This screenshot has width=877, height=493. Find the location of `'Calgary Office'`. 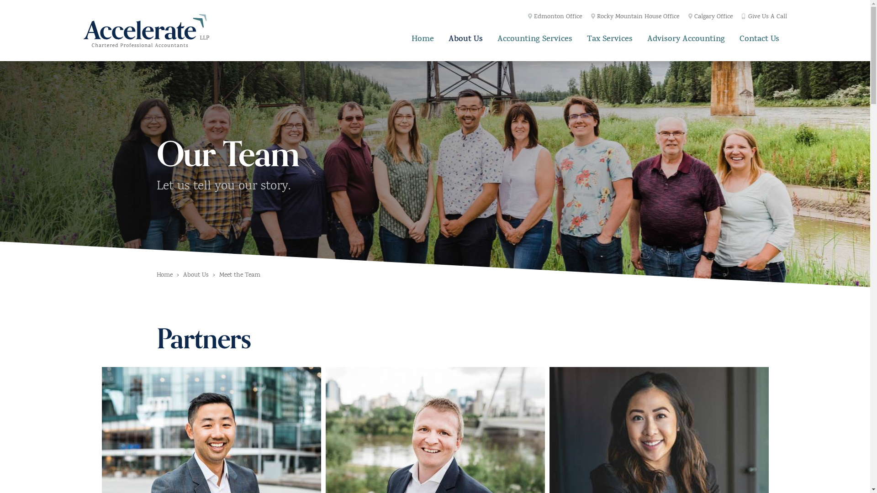

'Calgary Office' is located at coordinates (710, 17).